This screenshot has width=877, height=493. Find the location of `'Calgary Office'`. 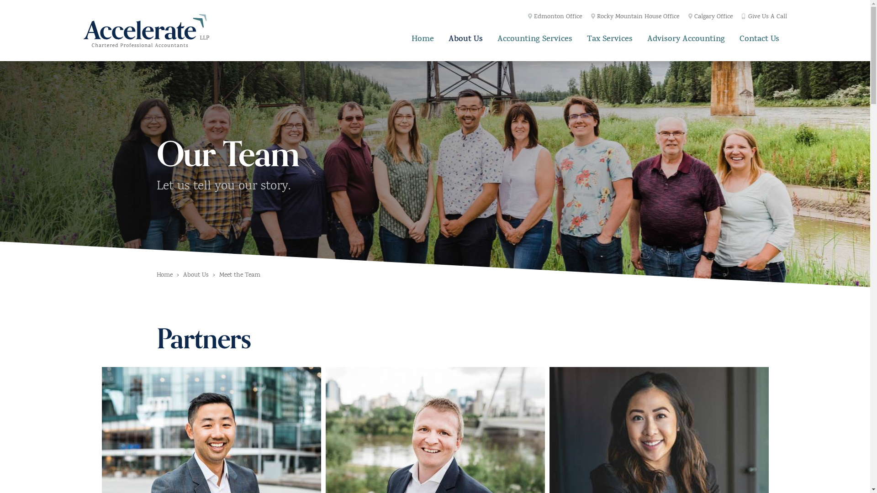

'Calgary Office' is located at coordinates (710, 17).